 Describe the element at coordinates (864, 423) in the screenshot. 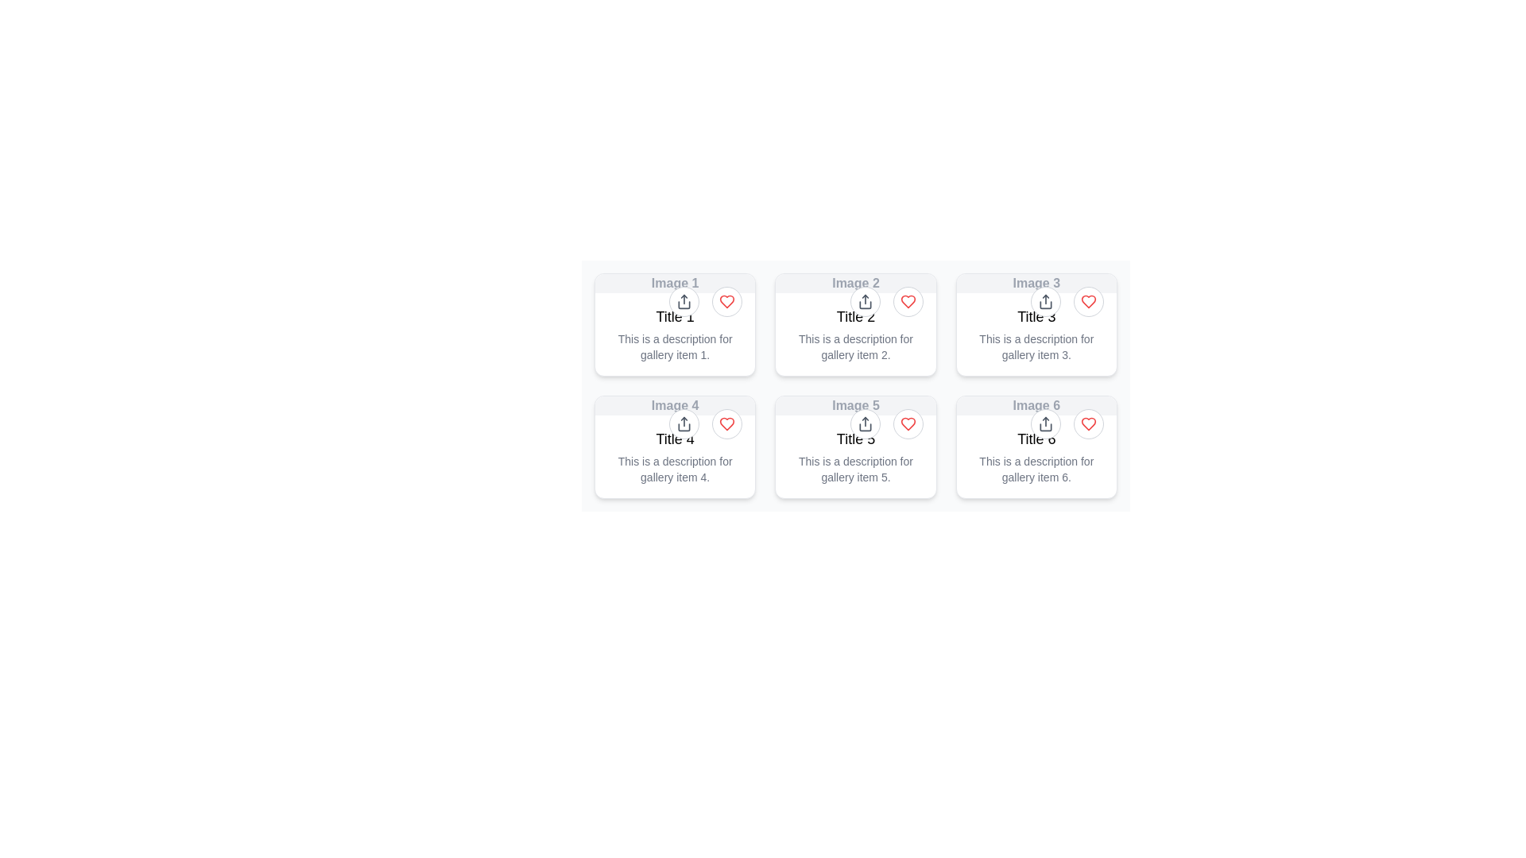

I see `the circular share button with a white background and upward arrow icon located in the top-right corner of the card labeled 'Image 5'` at that location.